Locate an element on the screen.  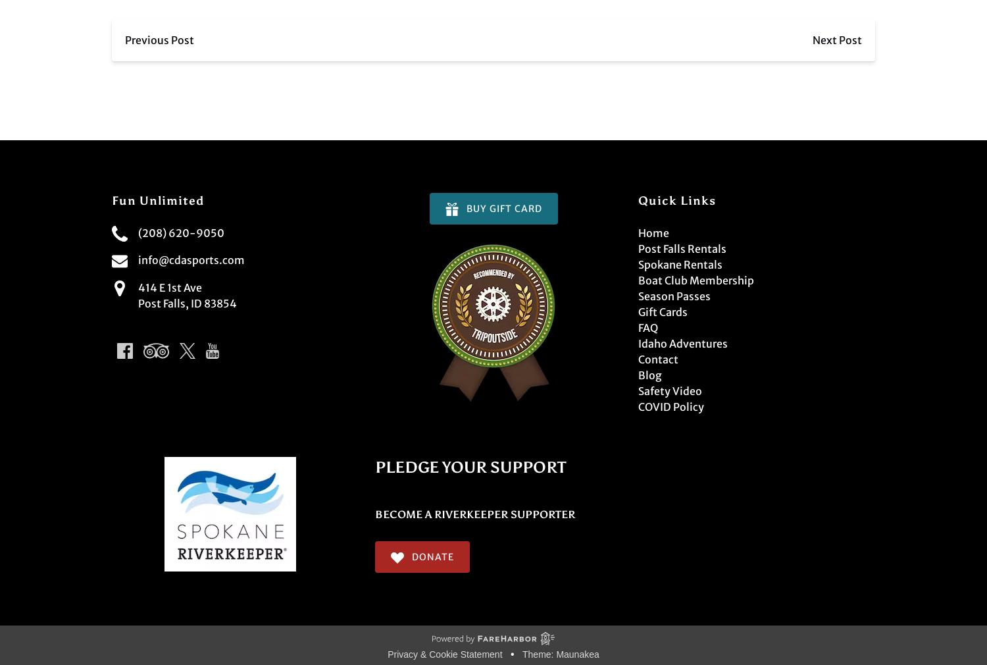
'Donate' is located at coordinates (431, 556).